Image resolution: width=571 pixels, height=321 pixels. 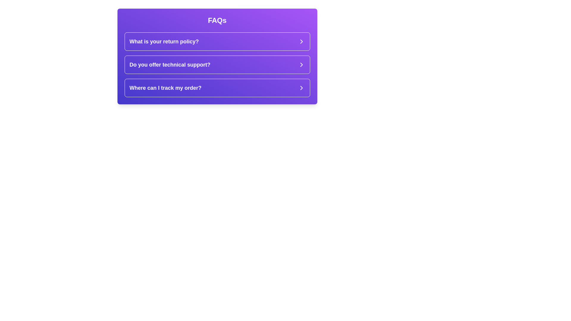 What do you see at coordinates (217, 65) in the screenshot?
I see `the second FAQ item labeled 'Do you offer technical support?'` at bounding box center [217, 65].